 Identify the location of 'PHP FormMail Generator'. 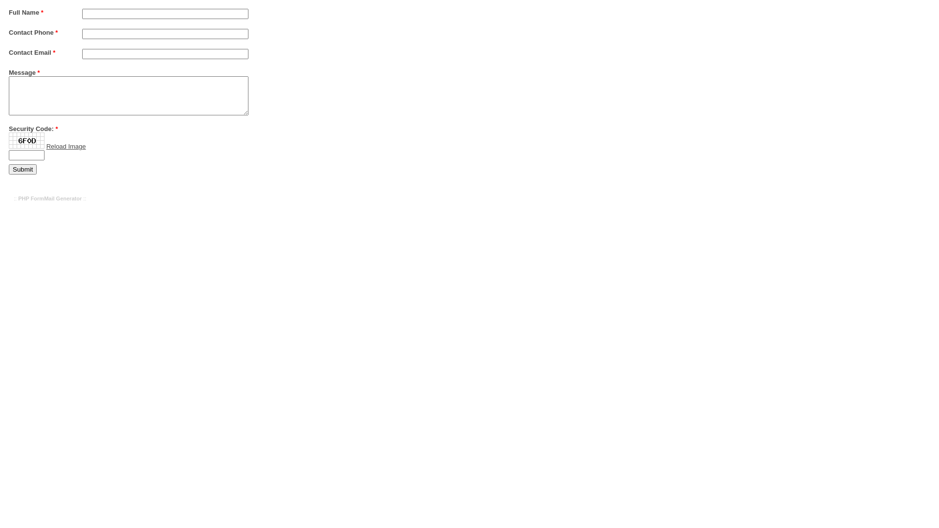
(49, 198).